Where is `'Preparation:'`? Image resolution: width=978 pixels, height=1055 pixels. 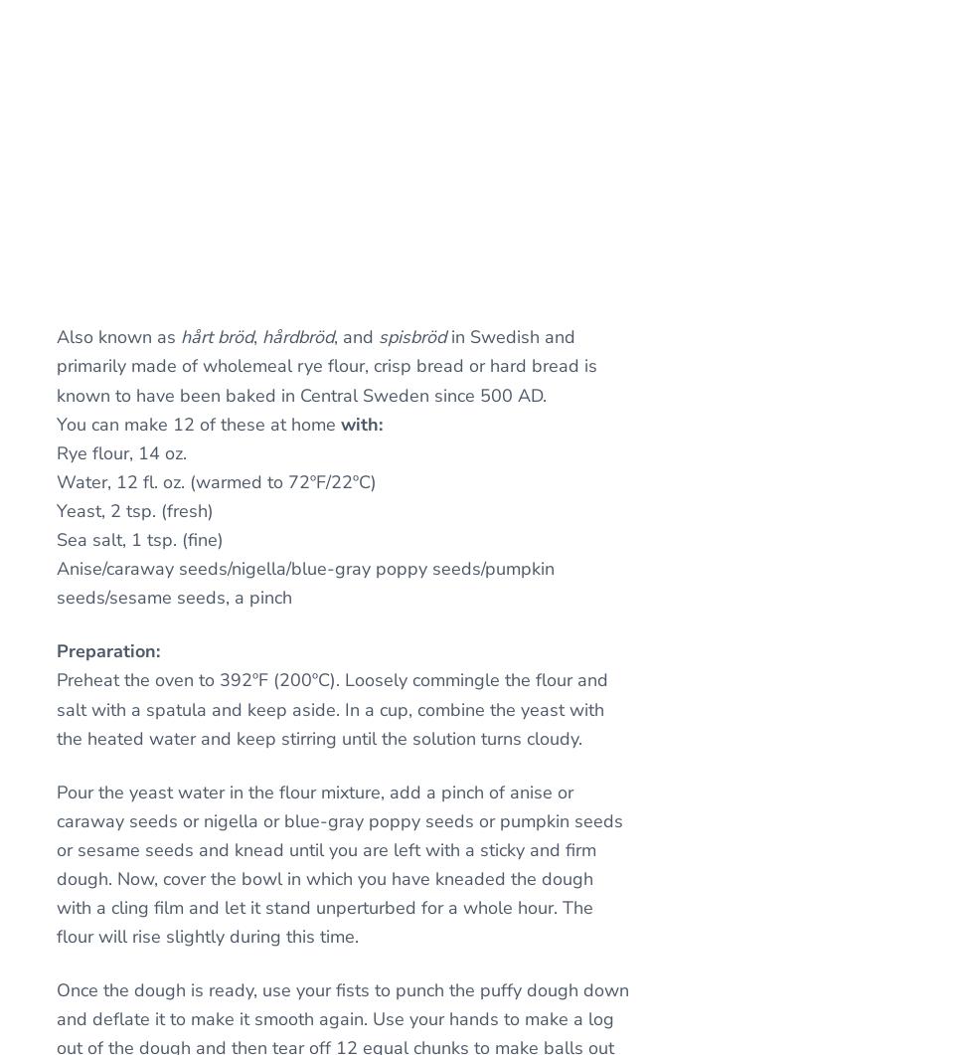
'Preparation:' is located at coordinates (107, 649).